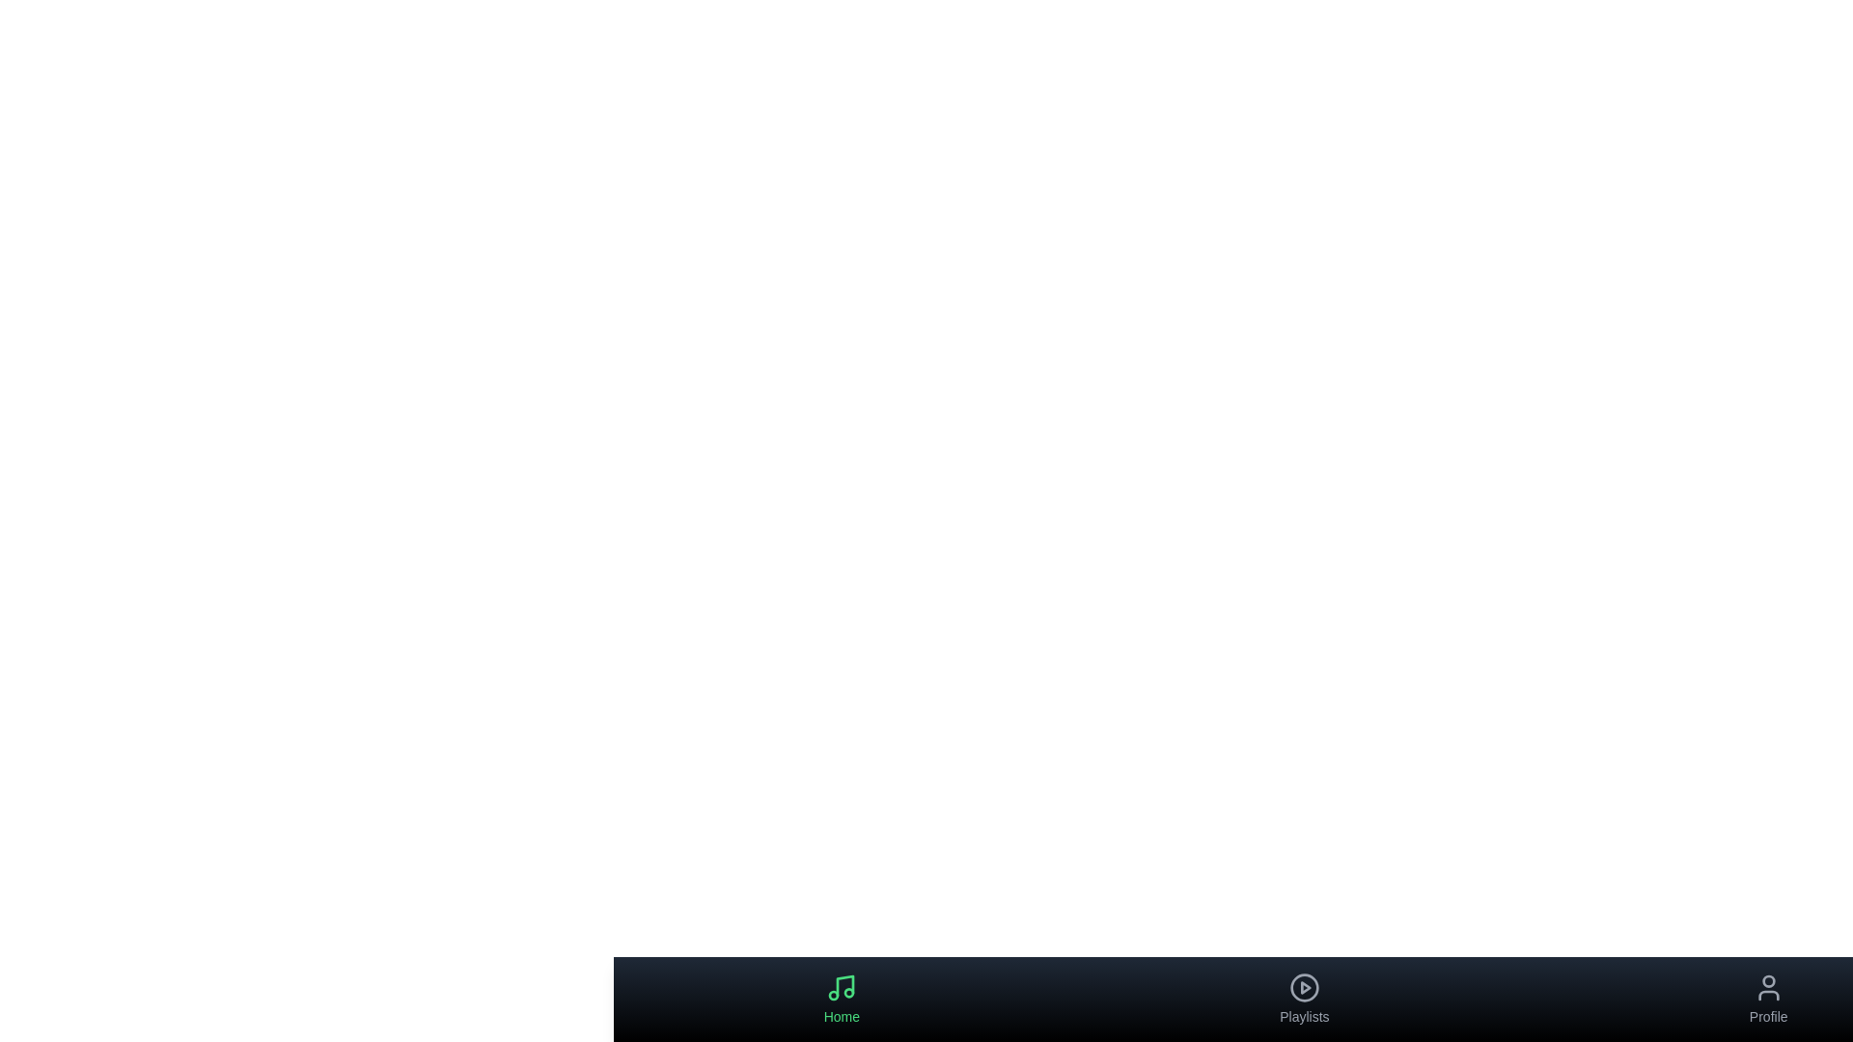 The height and width of the screenshot is (1042, 1853). Describe the element at coordinates (1768, 999) in the screenshot. I see `the tab labeled Profile to observe the hover effect` at that location.